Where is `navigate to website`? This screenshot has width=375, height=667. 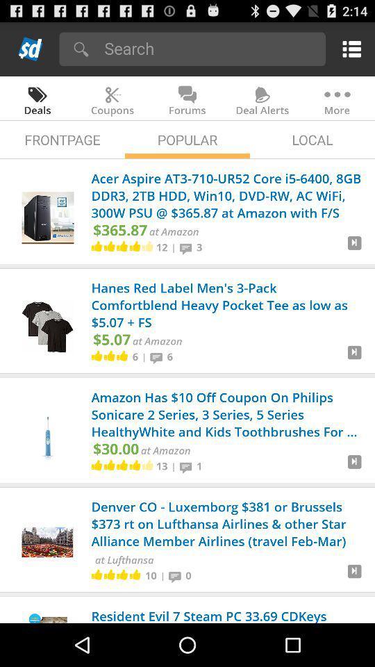 navigate to website is located at coordinates (354, 467).